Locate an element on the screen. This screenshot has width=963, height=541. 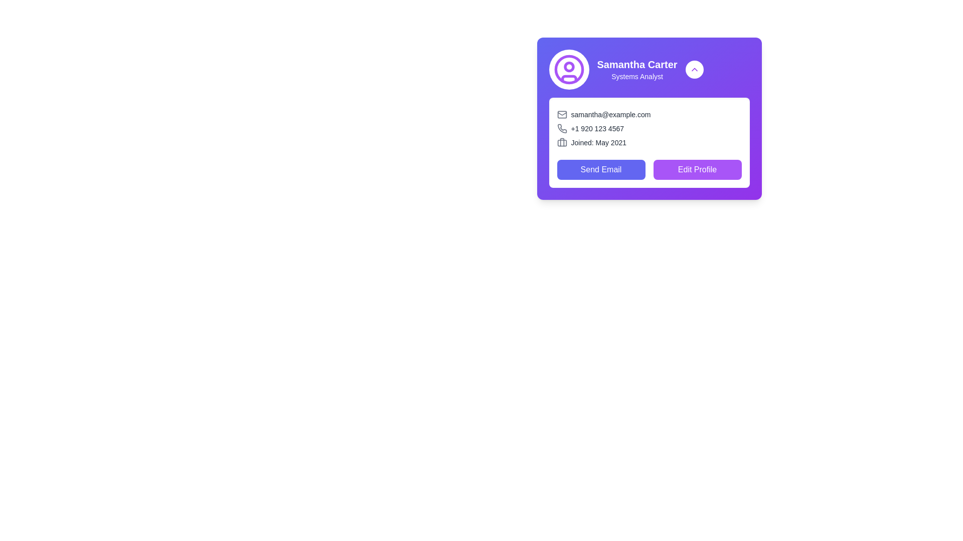
the phone icon representing a telephone-related function located in the contact information section under 'Samantha Carter' is located at coordinates (562, 128).